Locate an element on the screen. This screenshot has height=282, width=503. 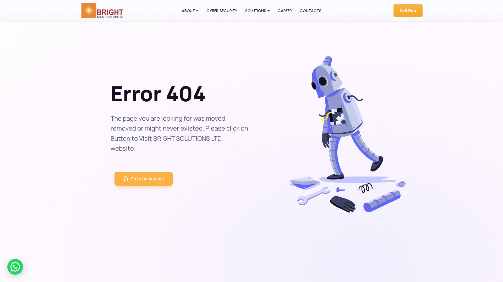
'SOLUTIONS +' is located at coordinates (241, 10).